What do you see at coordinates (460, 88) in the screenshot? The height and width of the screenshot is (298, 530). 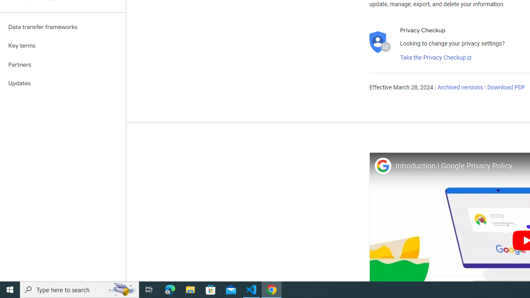 I see `'Archived versions'` at bounding box center [460, 88].